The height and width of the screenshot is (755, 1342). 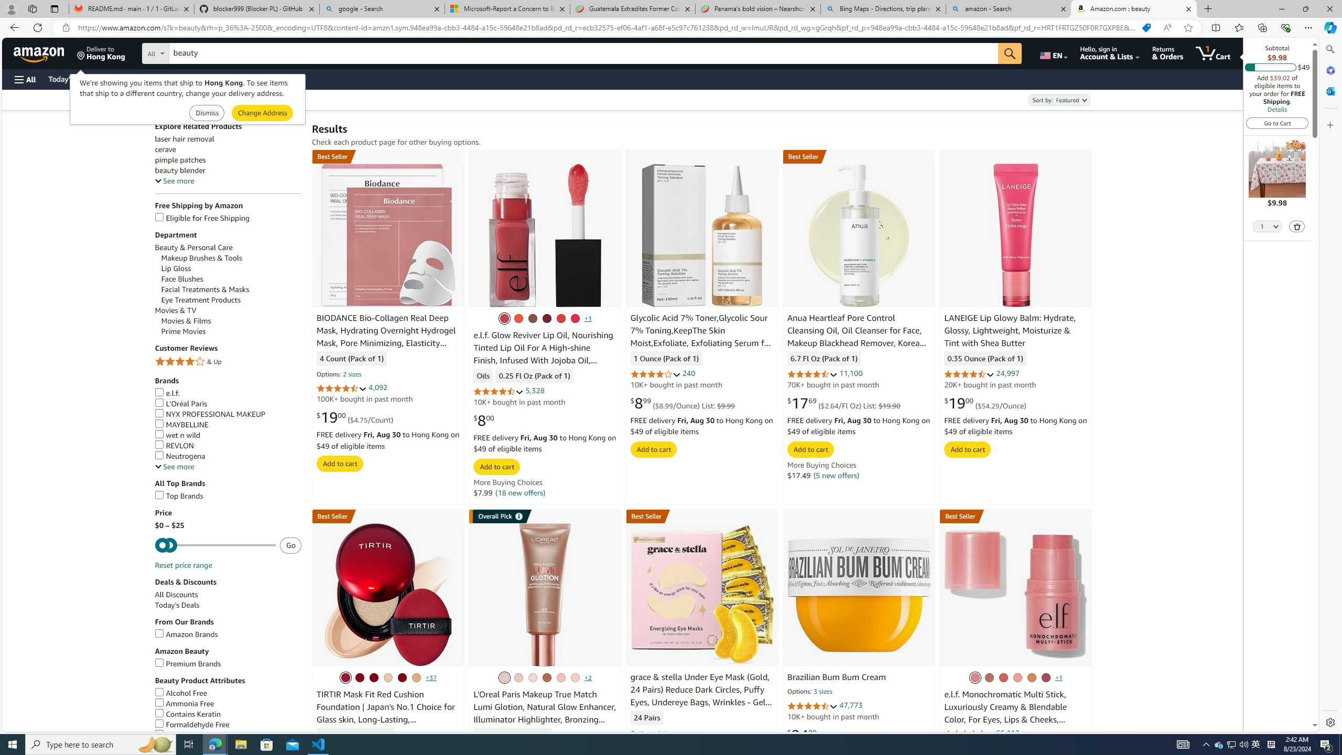 What do you see at coordinates (1009, 8) in the screenshot?
I see `'amazon - Search'` at bounding box center [1009, 8].